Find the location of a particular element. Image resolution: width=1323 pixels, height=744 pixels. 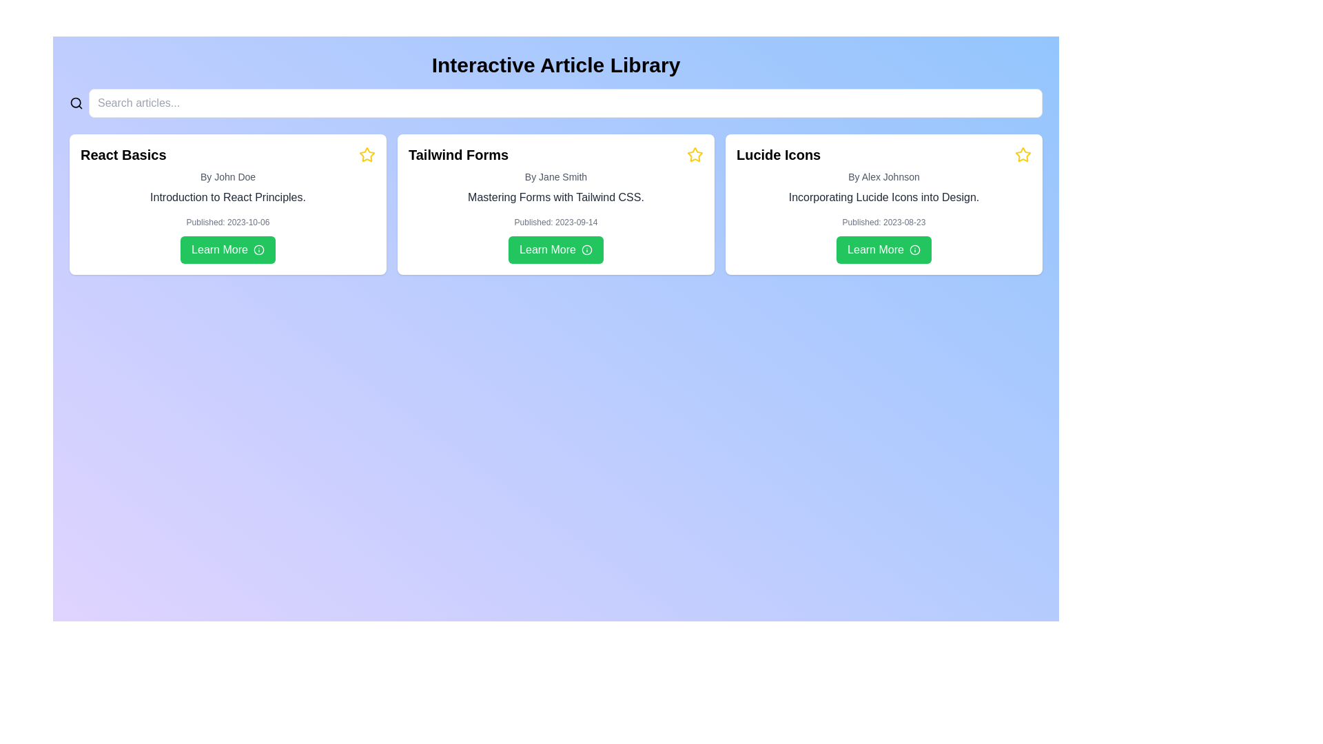

the author label text located beneath the title 'React Basics' and above the description 'Introduction to React Principles' within the first card of the main content section is located at coordinates (228, 176).